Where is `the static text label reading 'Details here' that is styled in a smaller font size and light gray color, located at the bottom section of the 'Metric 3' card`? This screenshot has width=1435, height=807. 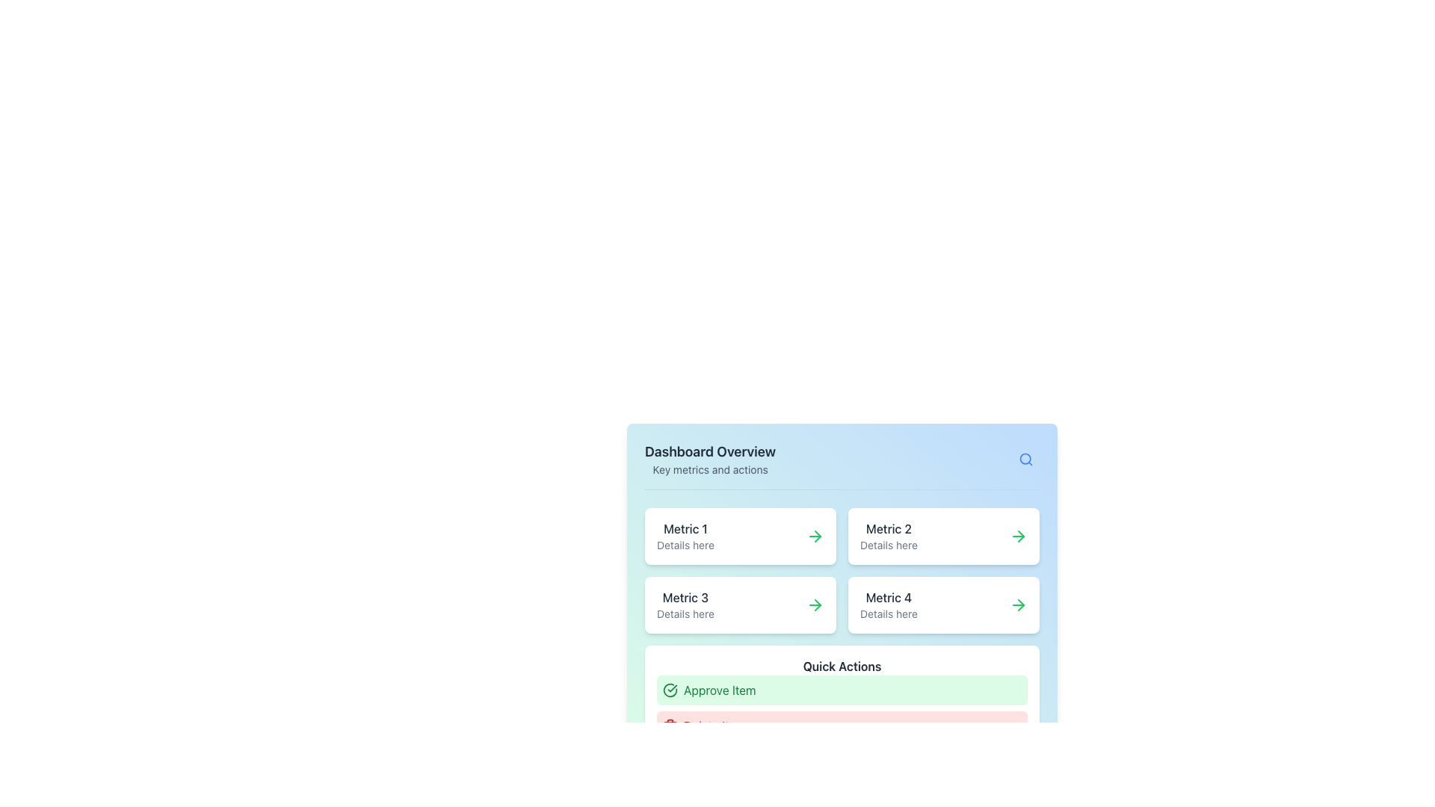 the static text label reading 'Details here' that is styled in a smaller font size and light gray color, located at the bottom section of the 'Metric 3' card is located at coordinates (685, 613).